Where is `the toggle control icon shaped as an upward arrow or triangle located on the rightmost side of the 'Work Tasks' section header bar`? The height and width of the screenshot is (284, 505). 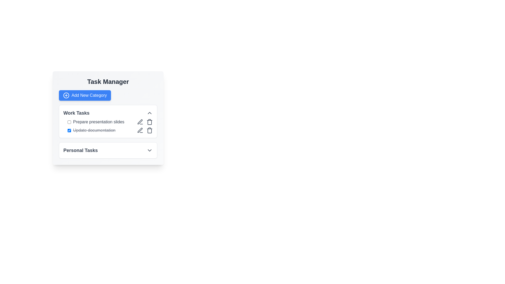
the toggle control icon shaped as an upward arrow or triangle located on the rightmost side of the 'Work Tasks' section header bar is located at coordinates (149, 113).